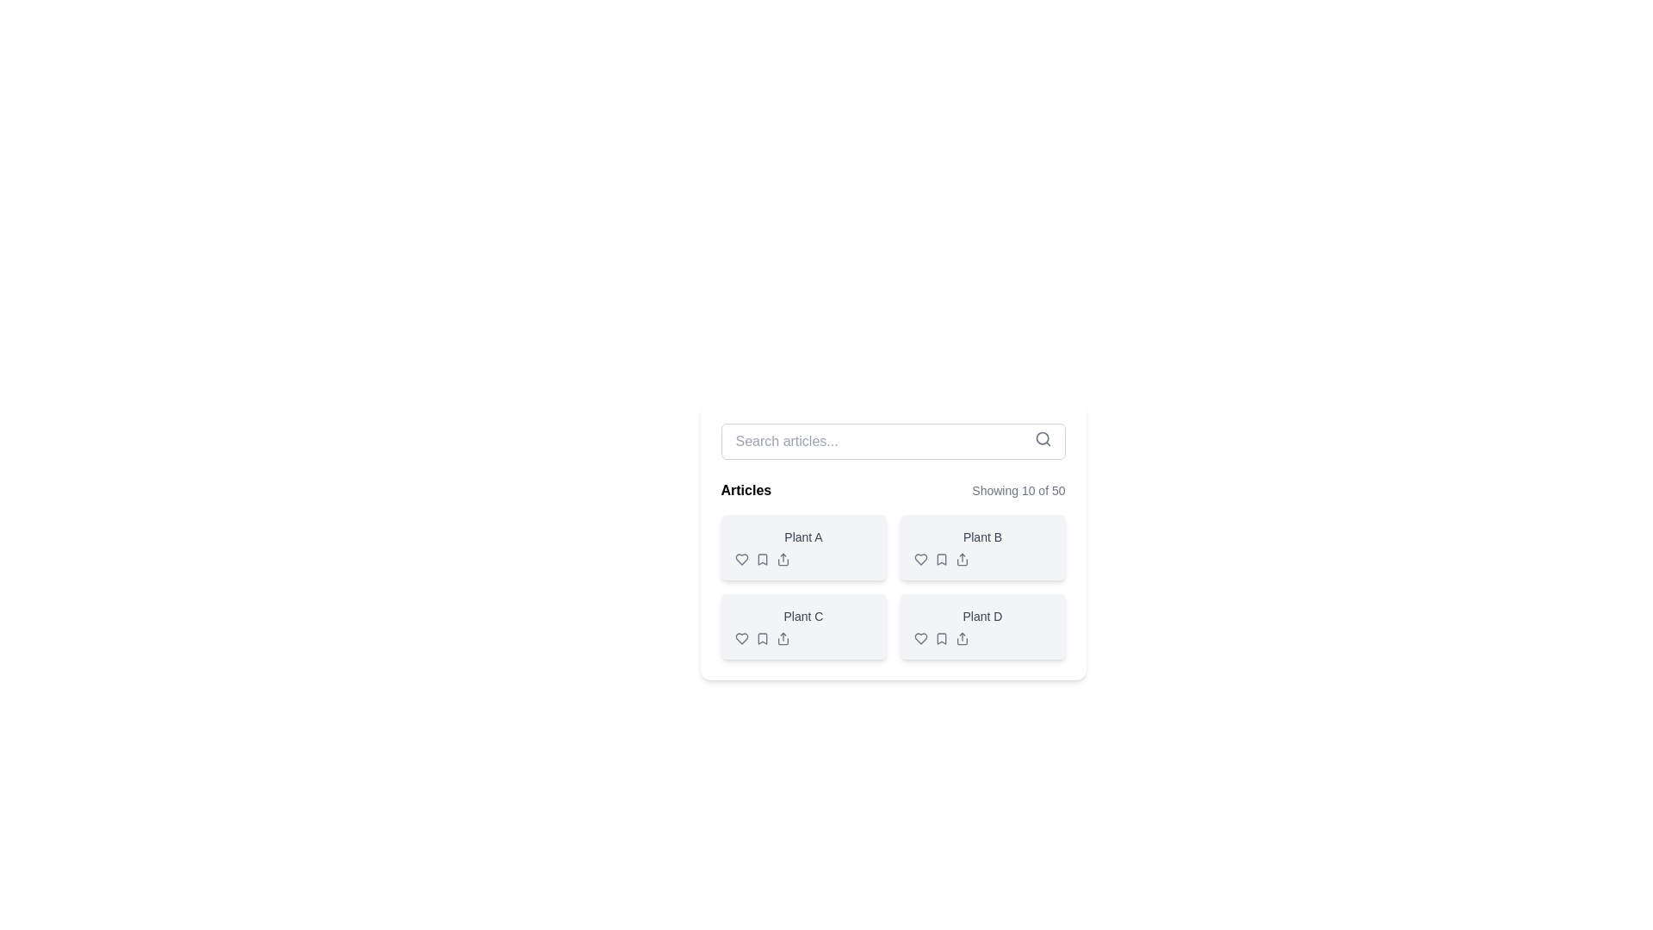 The height and width of the screenshot is (930, 1653). I want to click on the bookmark-shaped icon with a thin outline located in the fourth card of the grid layout near the text 'Plant D' for more information, so click(940, 638).